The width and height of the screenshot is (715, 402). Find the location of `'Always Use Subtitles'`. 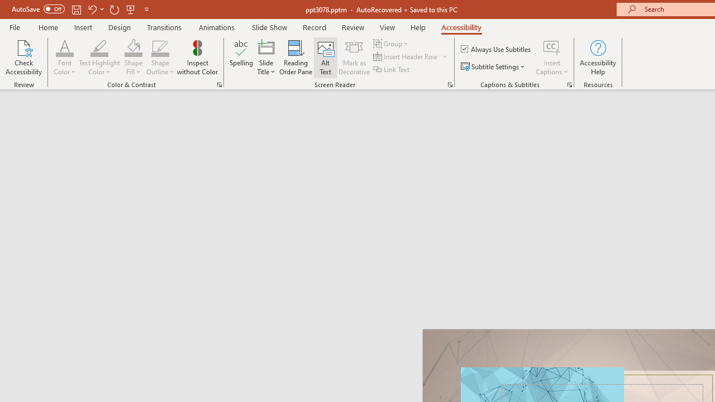

'Always Use Subtitles' is located at coordinates (496, 48).